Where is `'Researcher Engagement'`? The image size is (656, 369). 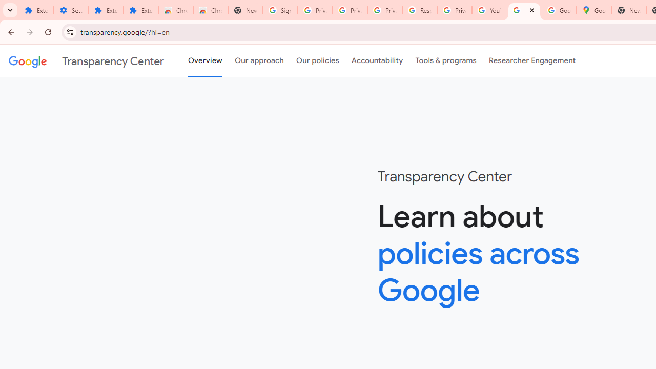 'Researcher Engagement' is located at coordinates (532, 61).